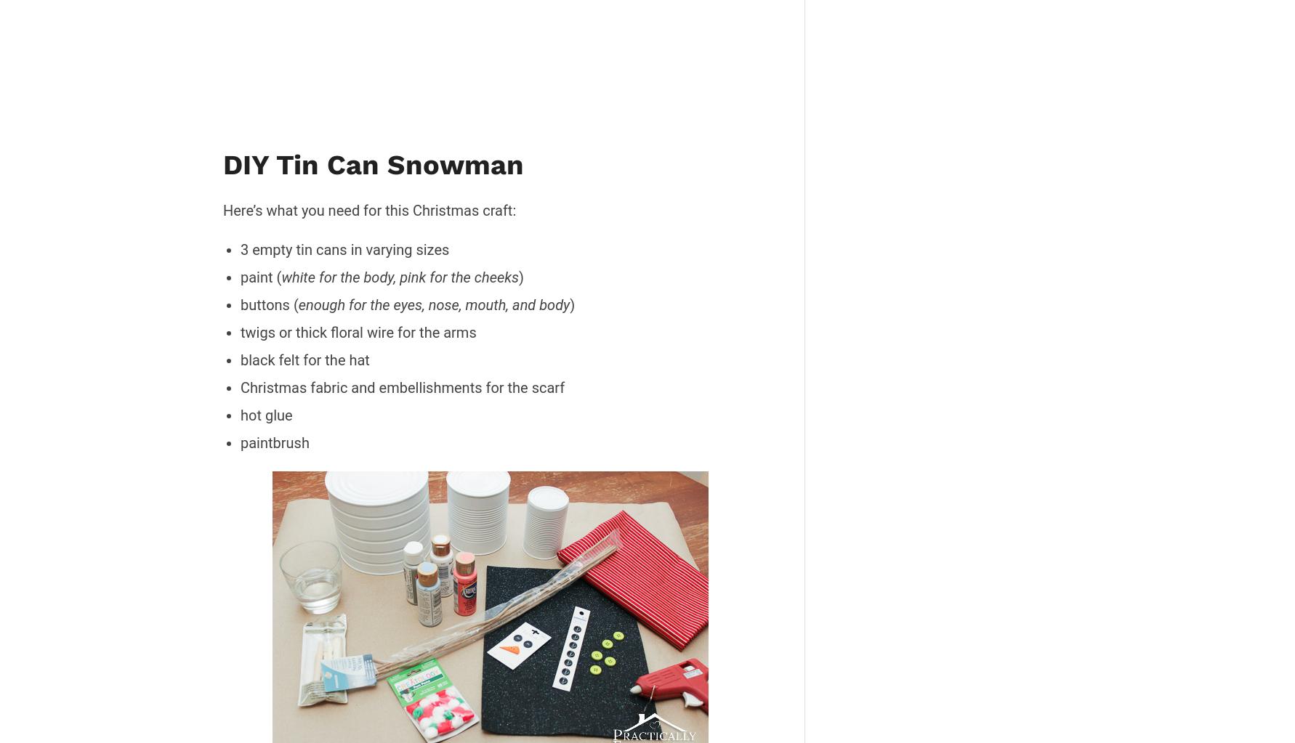 Image resolution: width=1295 pixels, height=743 pixels. What do you see at coordinates (274, 441) in the screenshot?
I see `'paintbrush'` at bounding box center [274, 441].